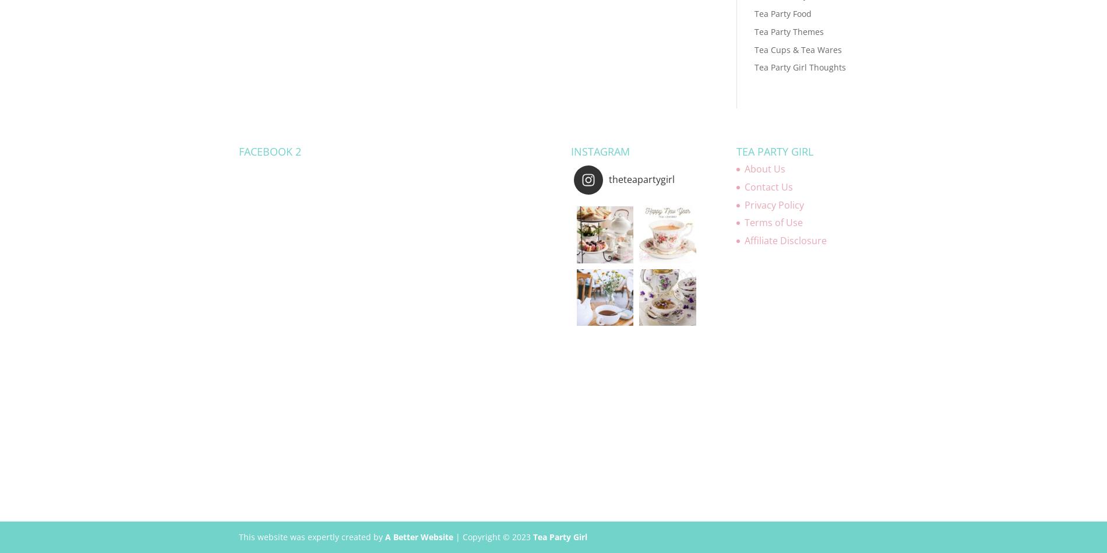  What do you see at coordinates (608, 179) in the screenshot?
I see `'theteapartygirl'` at bounding box center [608, 179].